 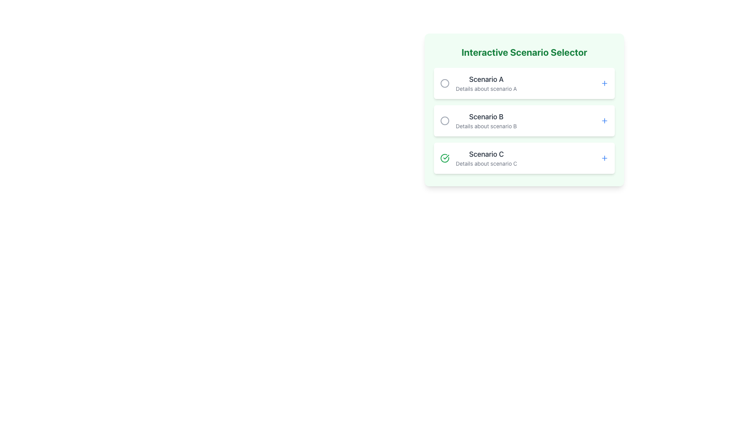 What do you see at coordinates (486, 163) in the screenshot?
I see `the text label reading 'Details about scenario C' which is located directly below the title 'Scenario C' in the Interactive Scenario Selector interface` at bounding box center [486, 163].